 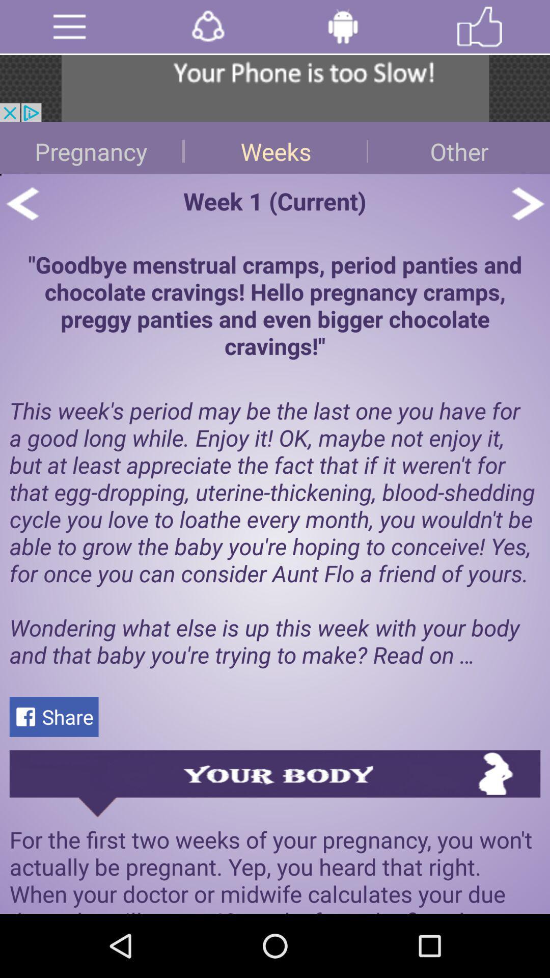 I want to click on share it button, so click(x=207, y=26).